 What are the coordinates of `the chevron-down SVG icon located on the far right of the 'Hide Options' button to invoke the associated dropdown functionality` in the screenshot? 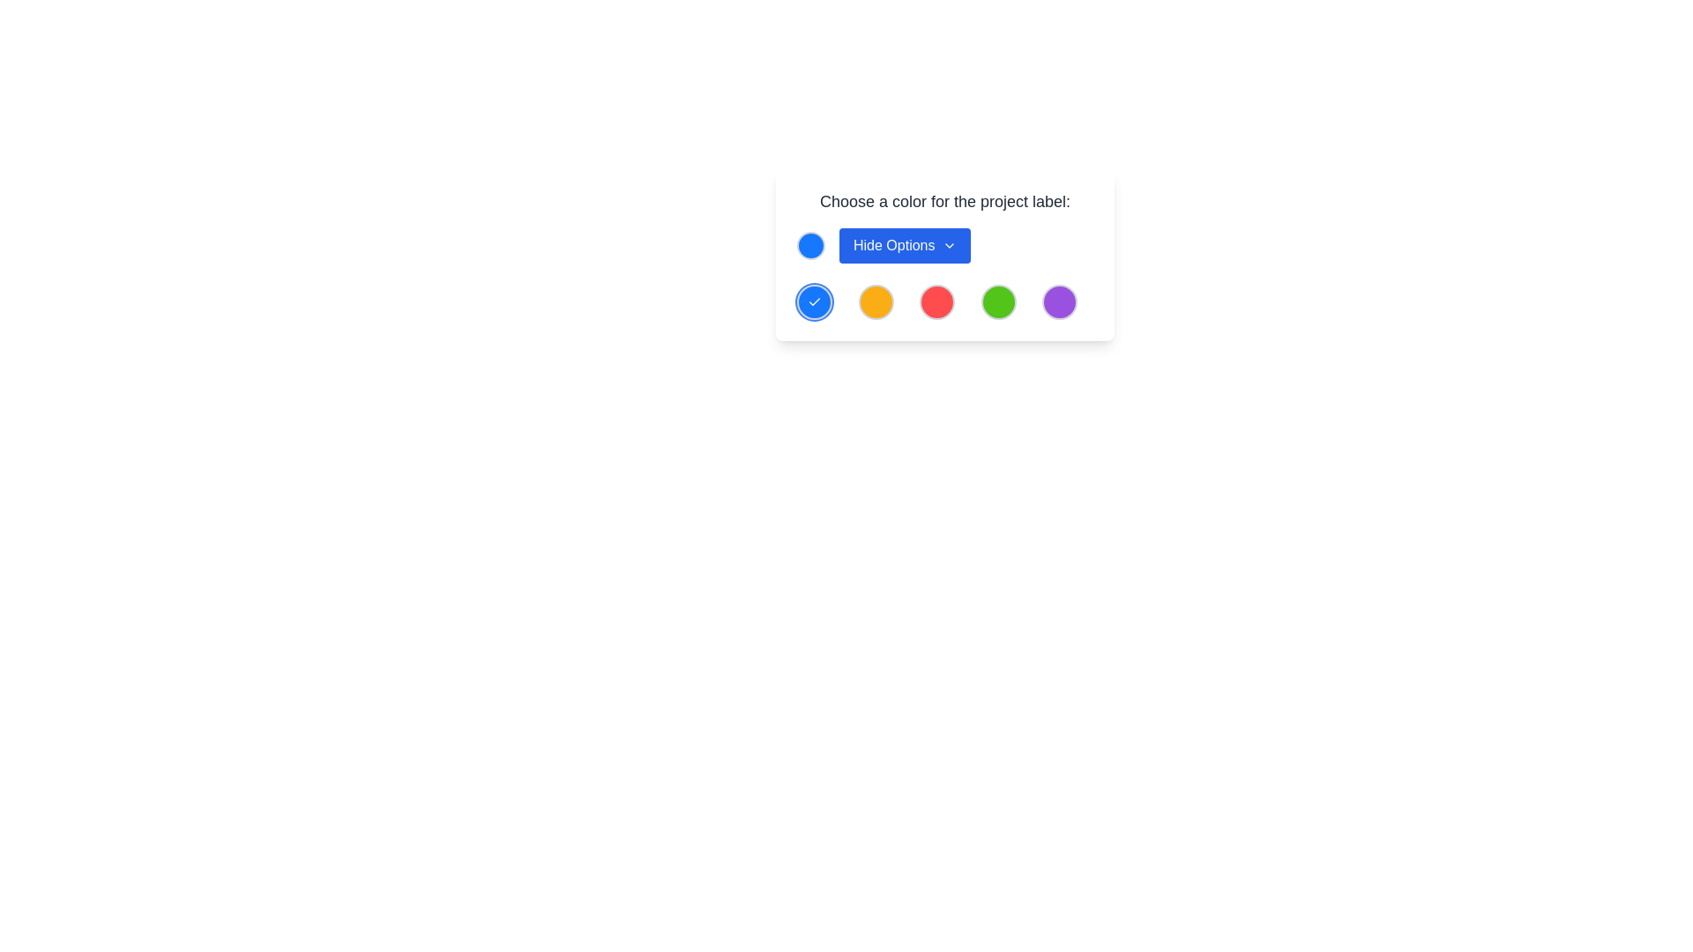 It's located at (948, 245).